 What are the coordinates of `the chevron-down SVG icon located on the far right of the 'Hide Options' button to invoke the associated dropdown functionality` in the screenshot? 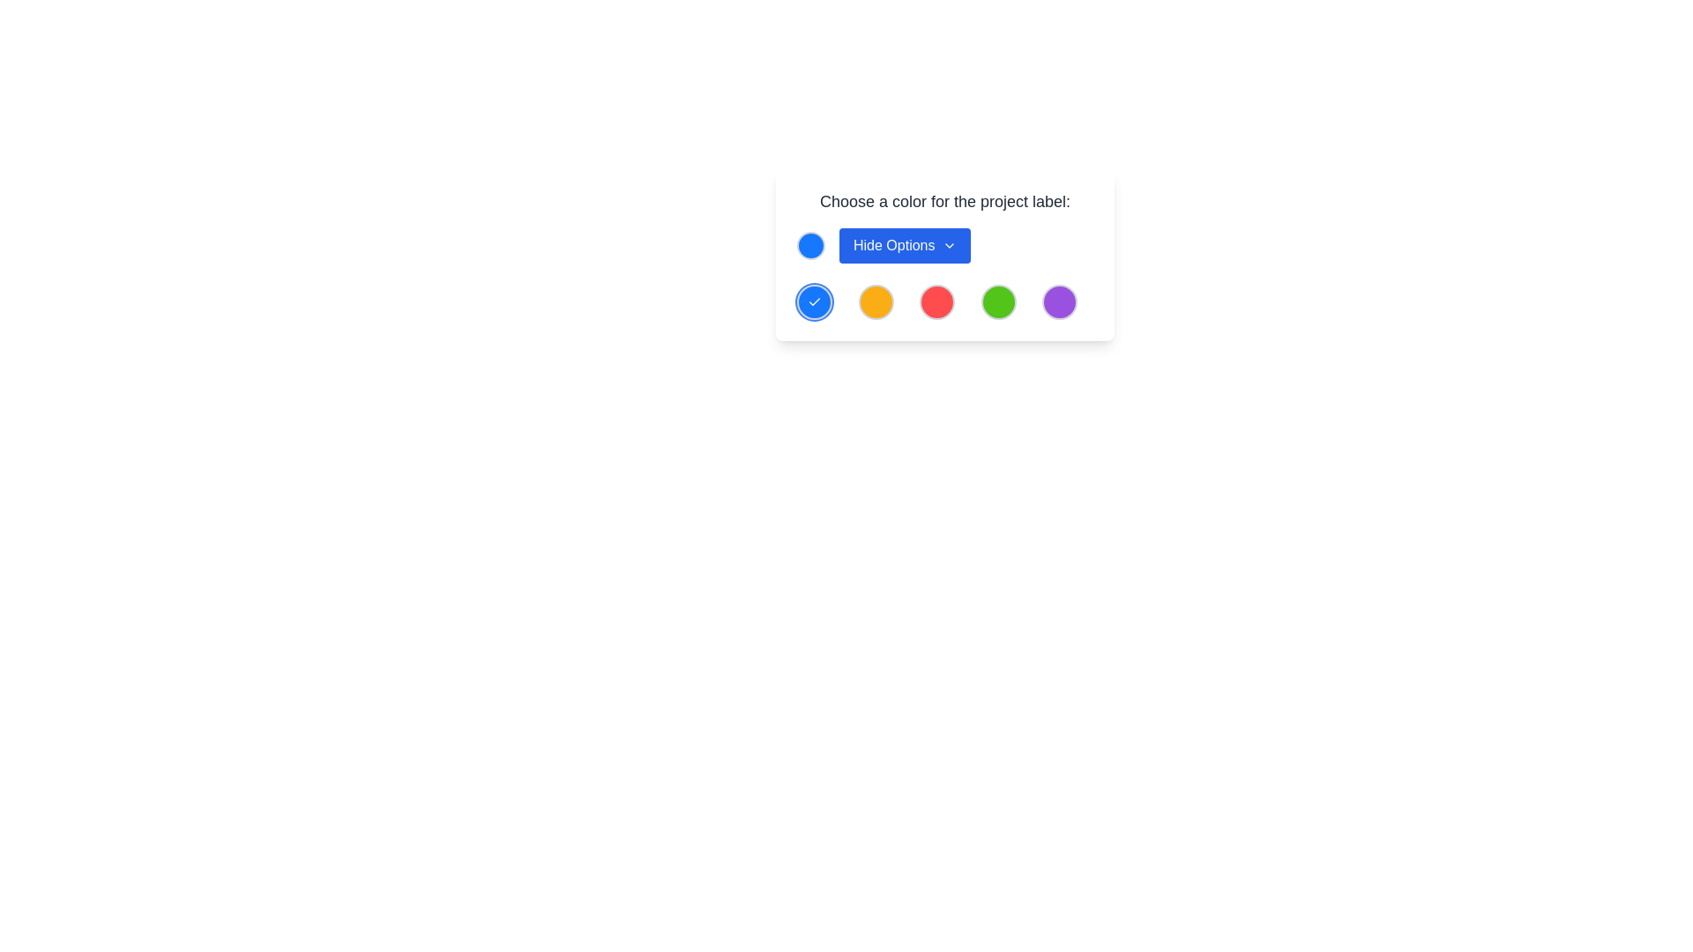 It's located at (948, 245).